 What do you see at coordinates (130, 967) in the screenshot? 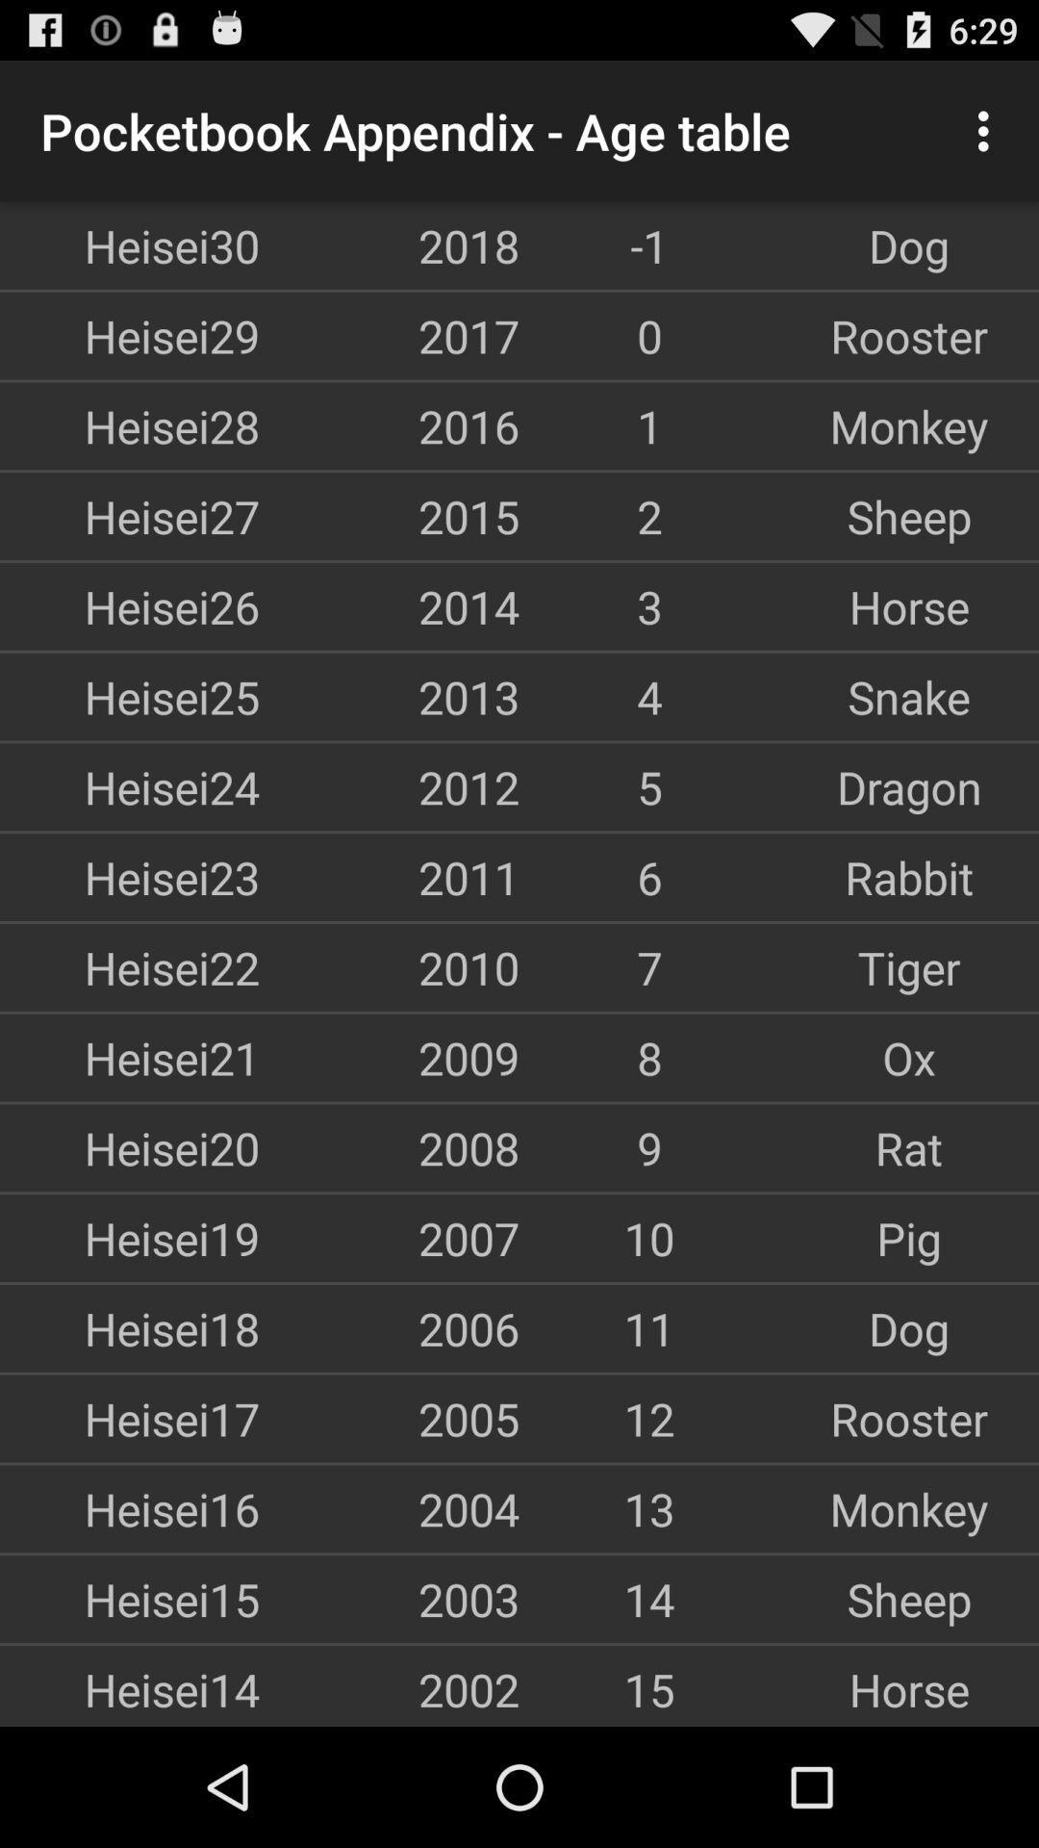
I see `the app above heisei21` at bounding box center [130, 967].